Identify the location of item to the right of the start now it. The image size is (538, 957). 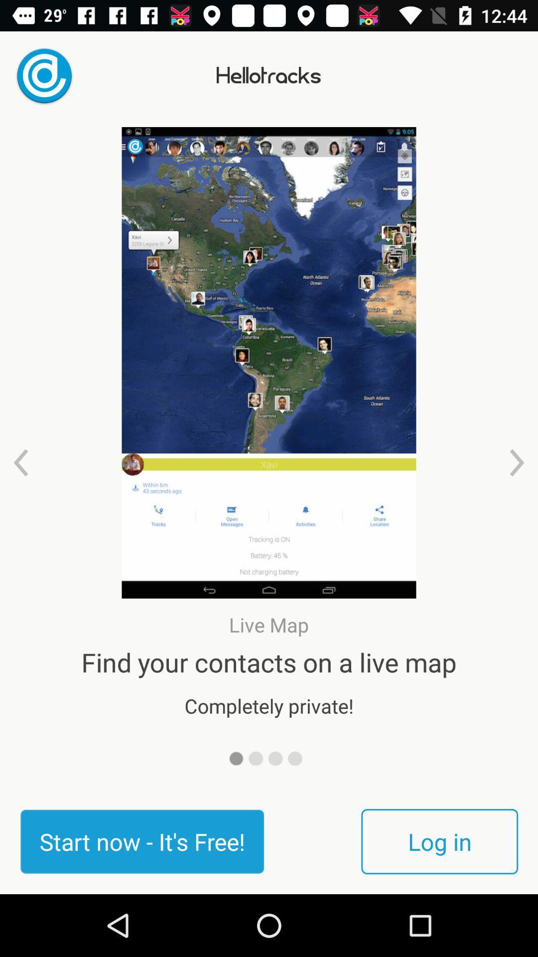
(439, 841).